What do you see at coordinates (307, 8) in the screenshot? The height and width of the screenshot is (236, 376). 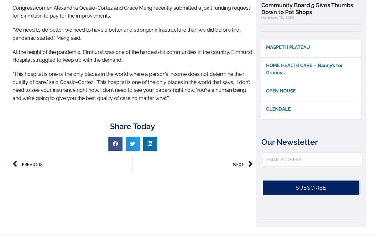 I see `'Community Board 5 Gives Thumbs Down to Pot Shops'` at bounding box center [307, 8].